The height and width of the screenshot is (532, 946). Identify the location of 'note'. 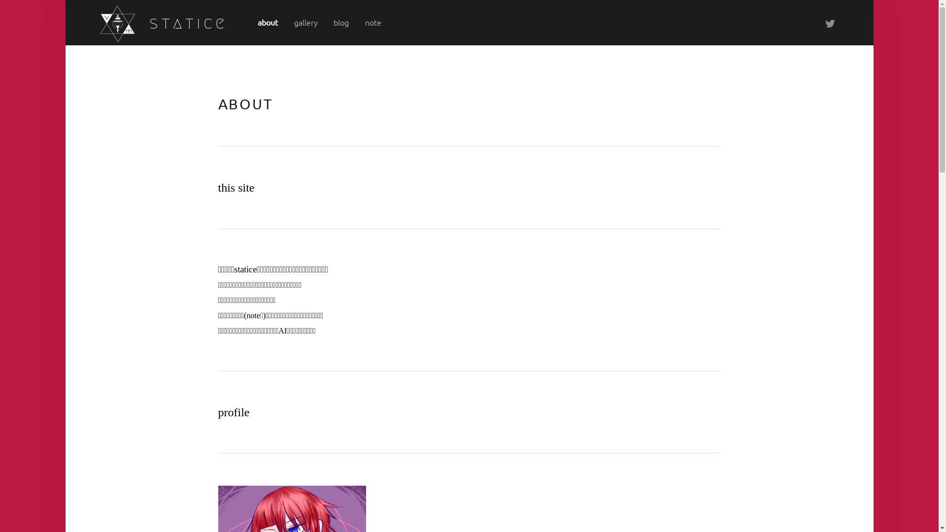
(372, 22).